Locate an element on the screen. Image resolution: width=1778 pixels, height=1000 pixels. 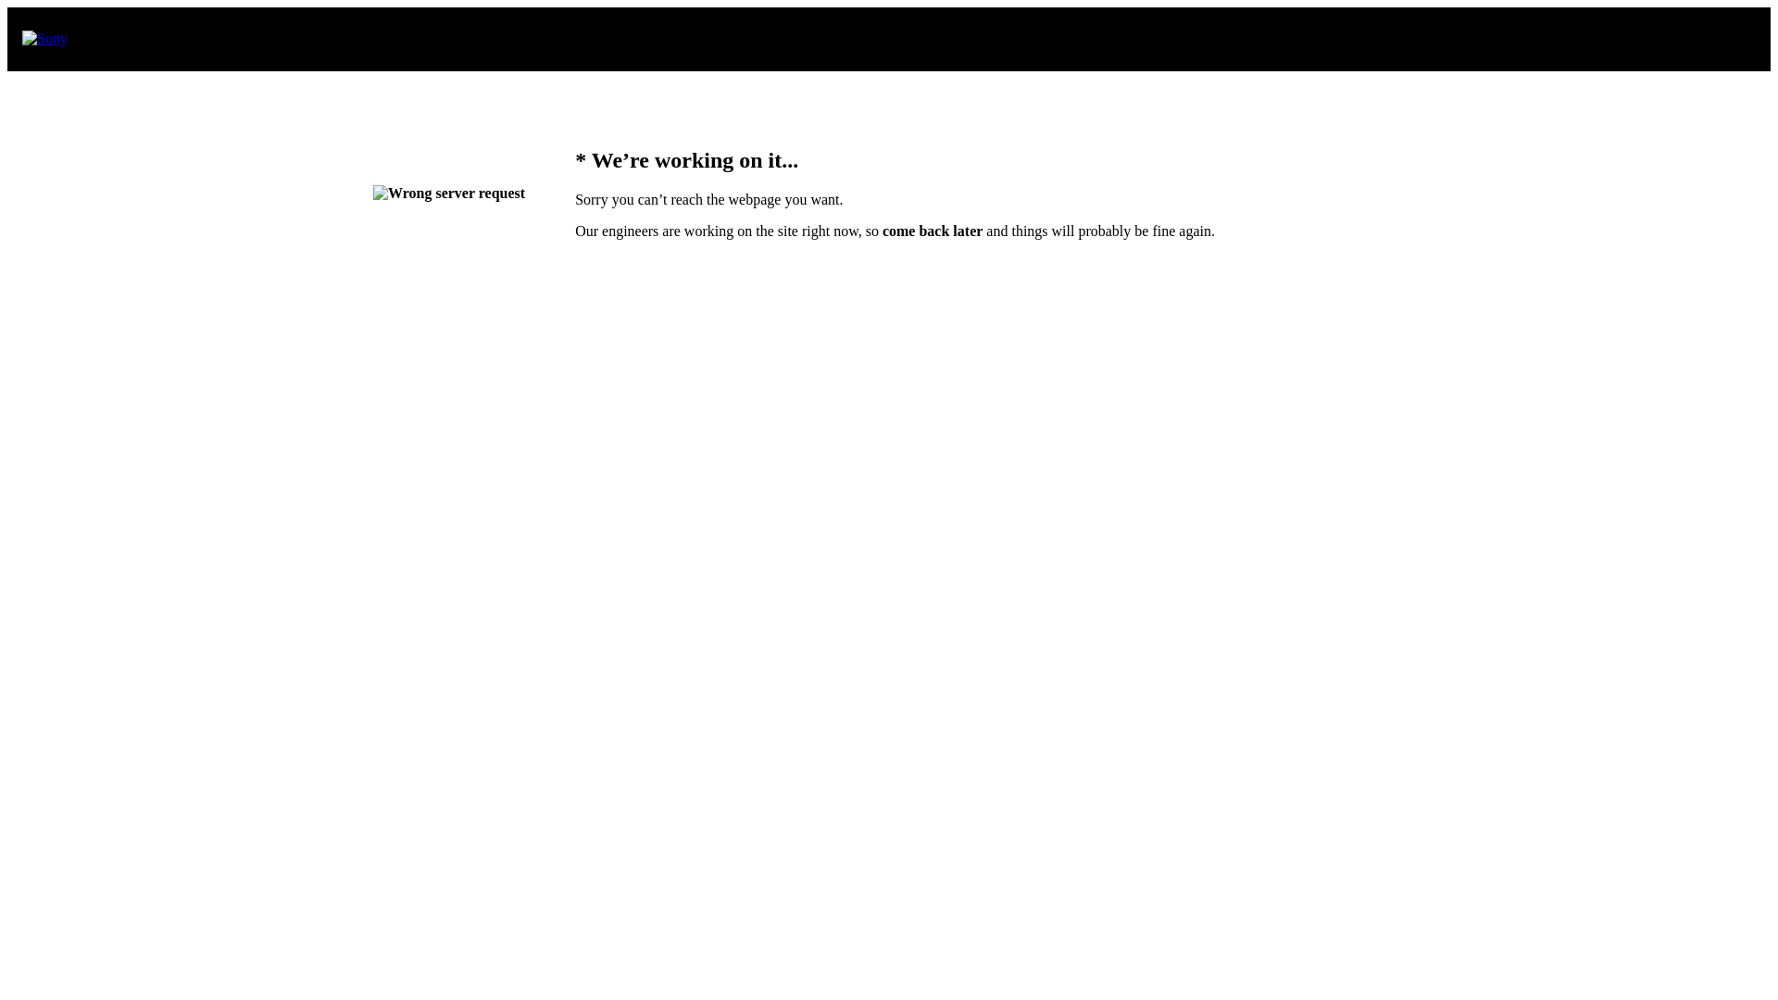
'Wrong server request' is located at coordinates (448, 193).